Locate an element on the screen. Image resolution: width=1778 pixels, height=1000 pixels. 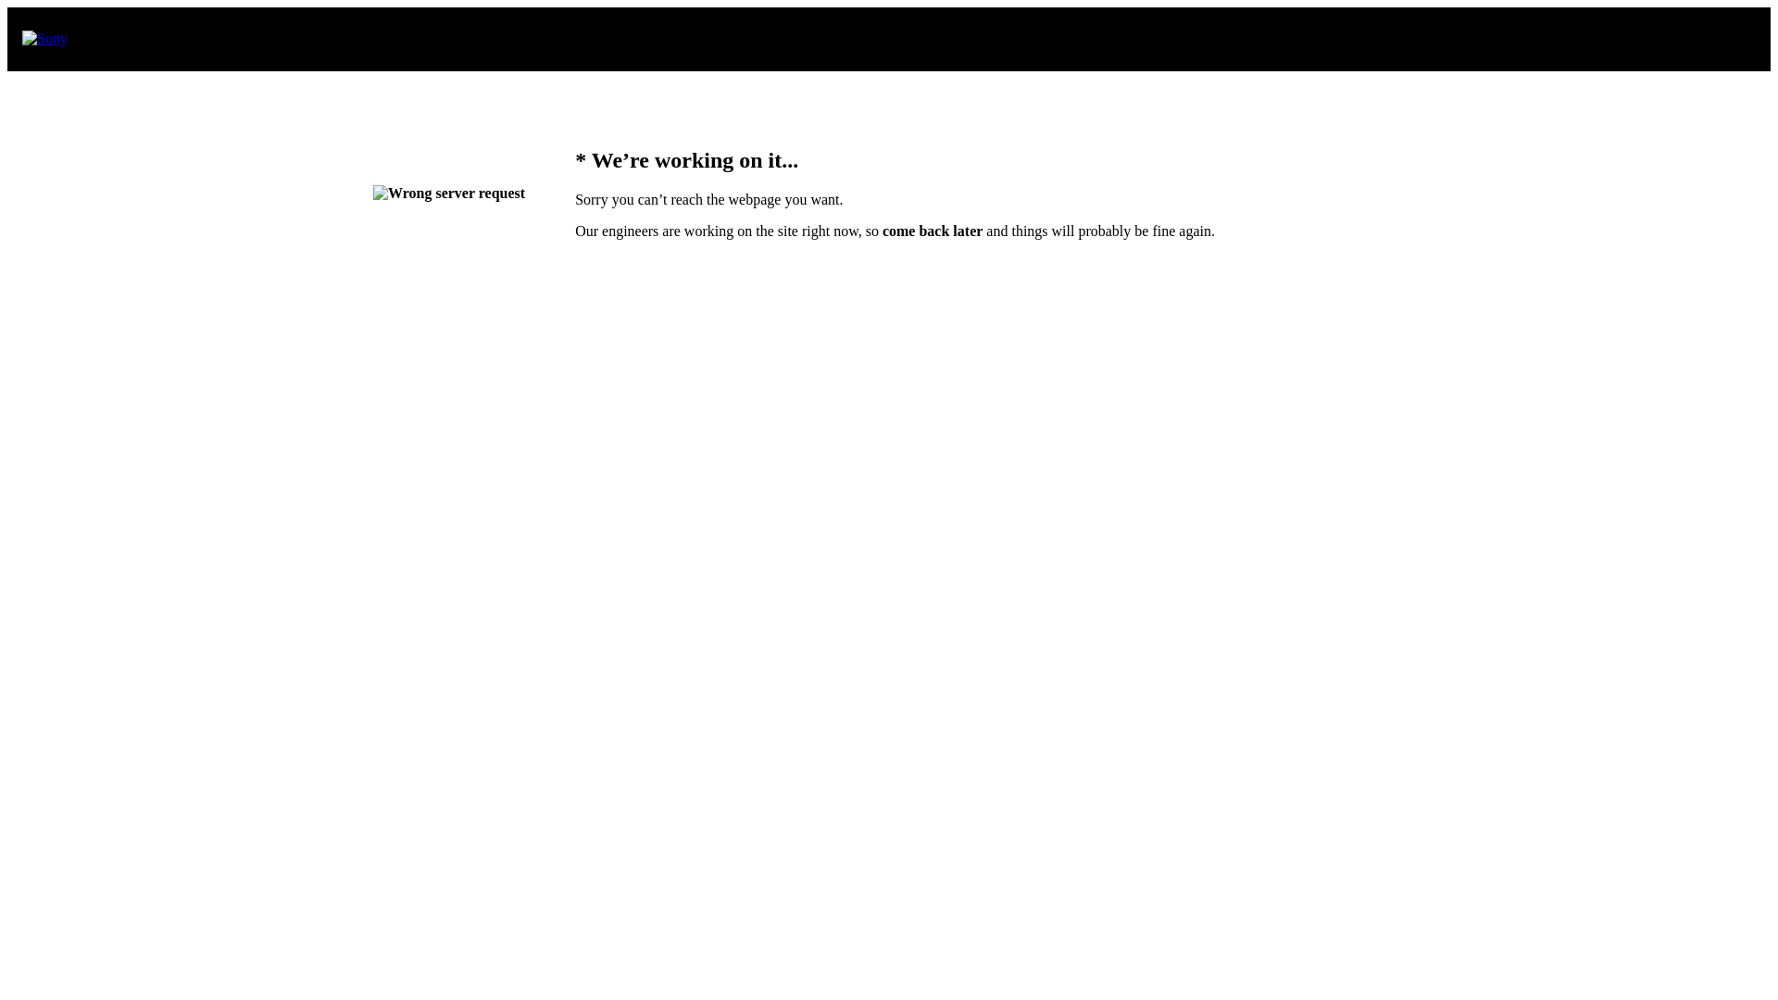
'Wrong server request' is located at coordinates (448, 193).